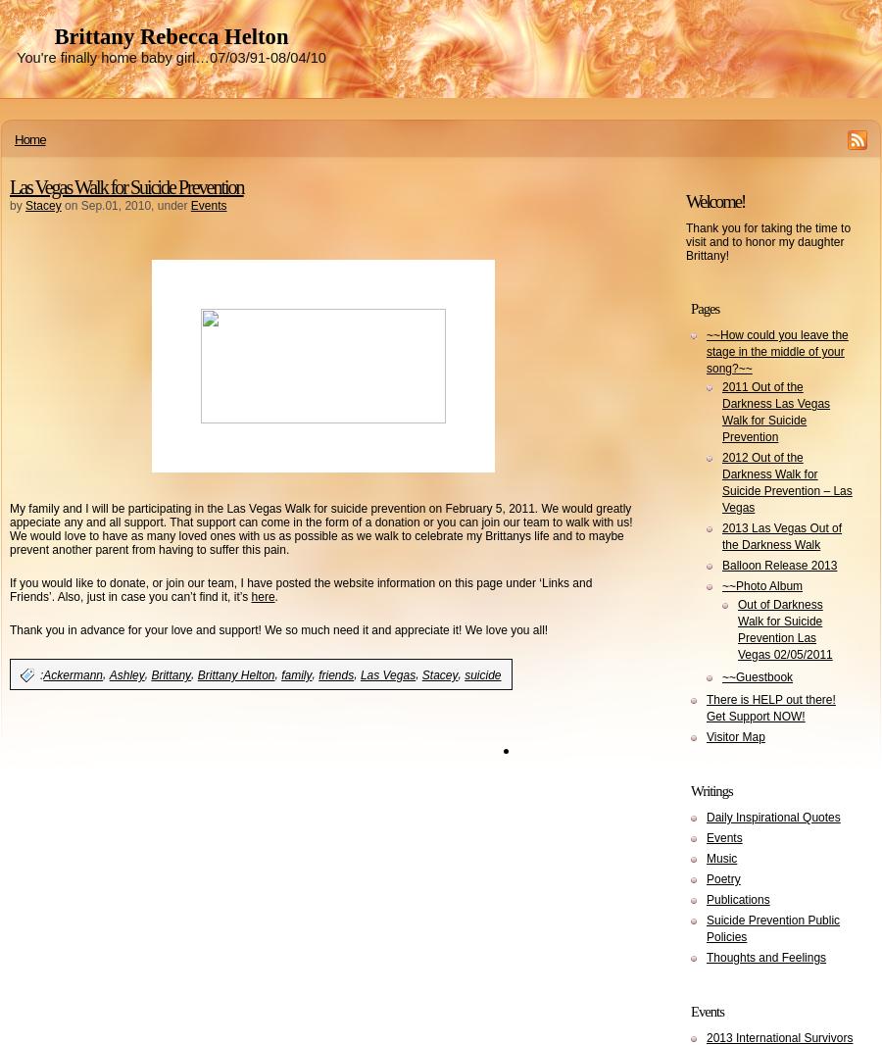  I want to click on 'Out of Darkness Walk for Suicide Prevention Las Vegas 02/05/2011', so click(785, 628).